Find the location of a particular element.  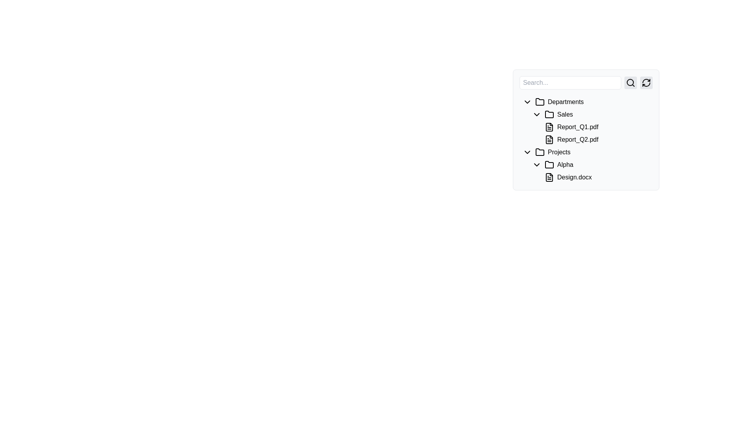

the first folder item in the 'Projects' section of the file navigation tree to interact with its contents is located at coordinates (591, 164).